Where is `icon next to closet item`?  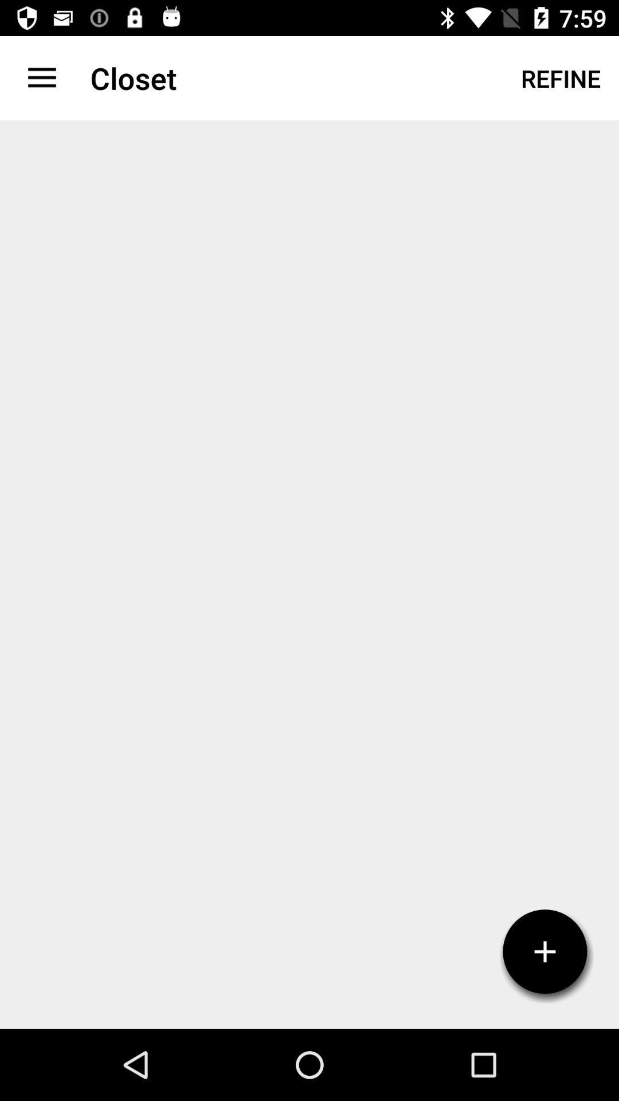 icon next to closet item is located at coordinates (41, 77).